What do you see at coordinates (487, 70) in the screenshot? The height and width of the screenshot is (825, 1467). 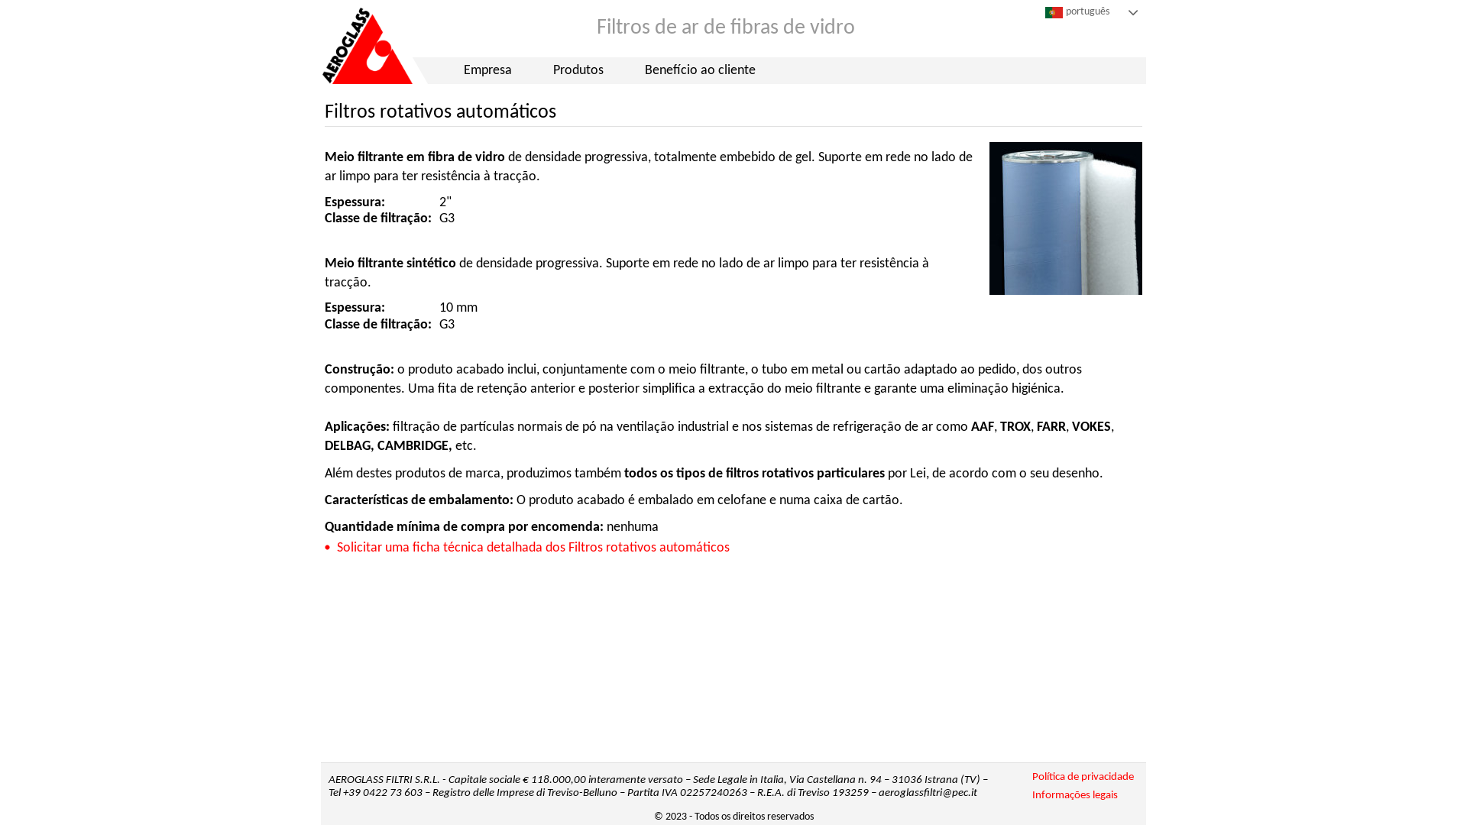 I see `'Empresa'` at bounding box center [487, 70].